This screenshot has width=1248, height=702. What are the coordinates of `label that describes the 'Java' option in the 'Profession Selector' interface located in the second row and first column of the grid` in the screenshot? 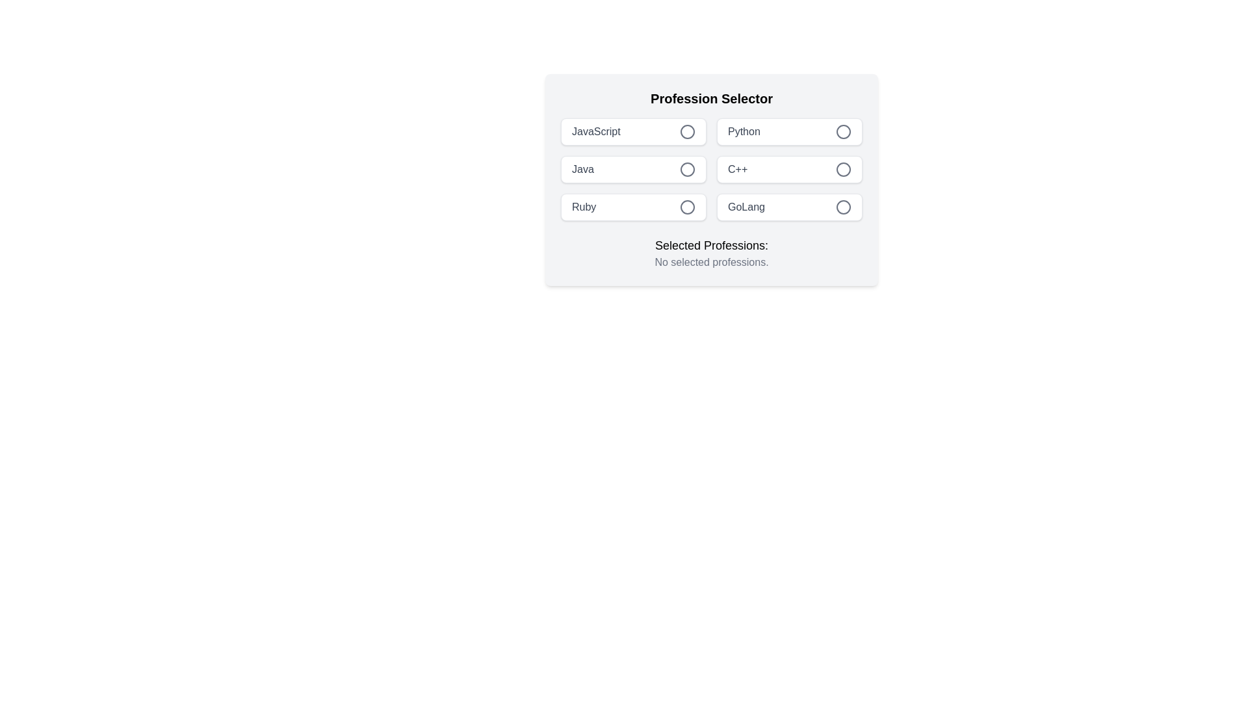 It's located at (582, 169).